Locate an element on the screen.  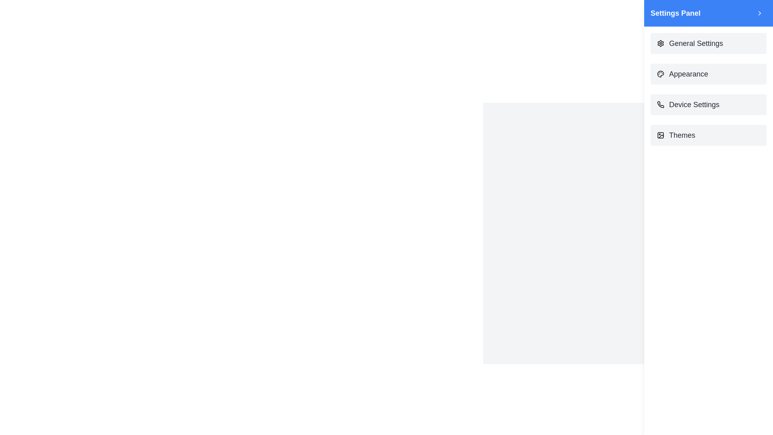
the small blue rounded button with a chevron icon located on the top-right corner of the 'Settings Panel' for keyboard navigation is located at coordinates (759, 13).